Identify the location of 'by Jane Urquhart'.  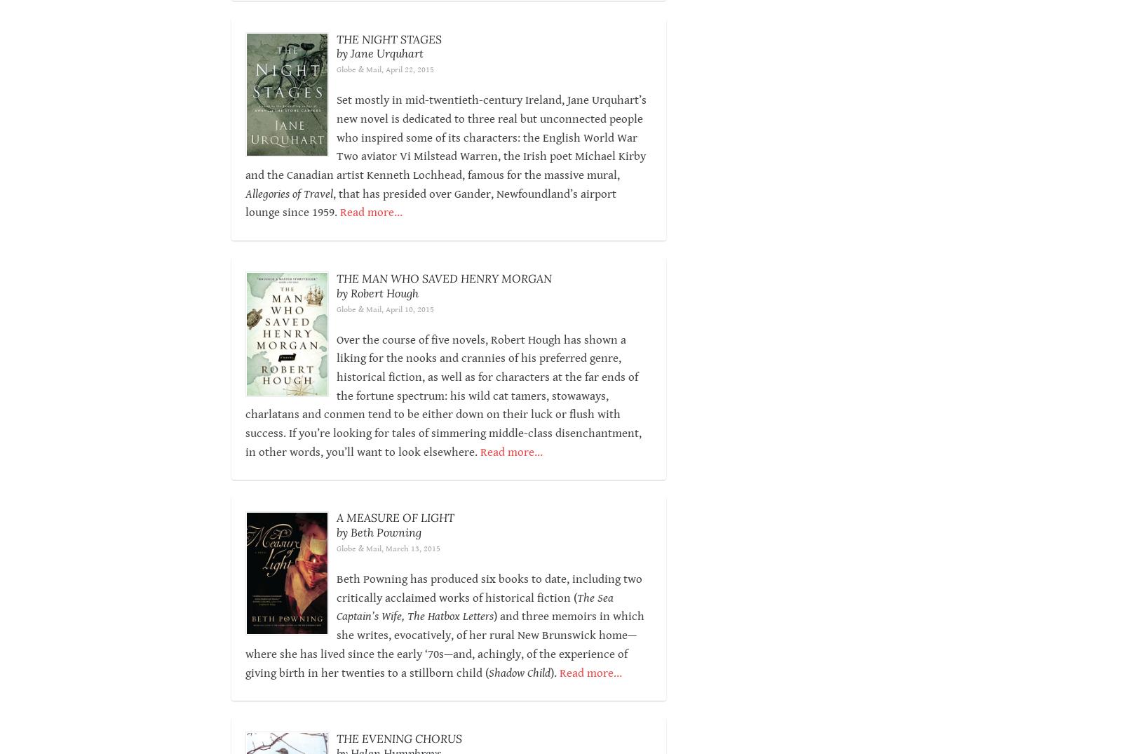
(378, 53).